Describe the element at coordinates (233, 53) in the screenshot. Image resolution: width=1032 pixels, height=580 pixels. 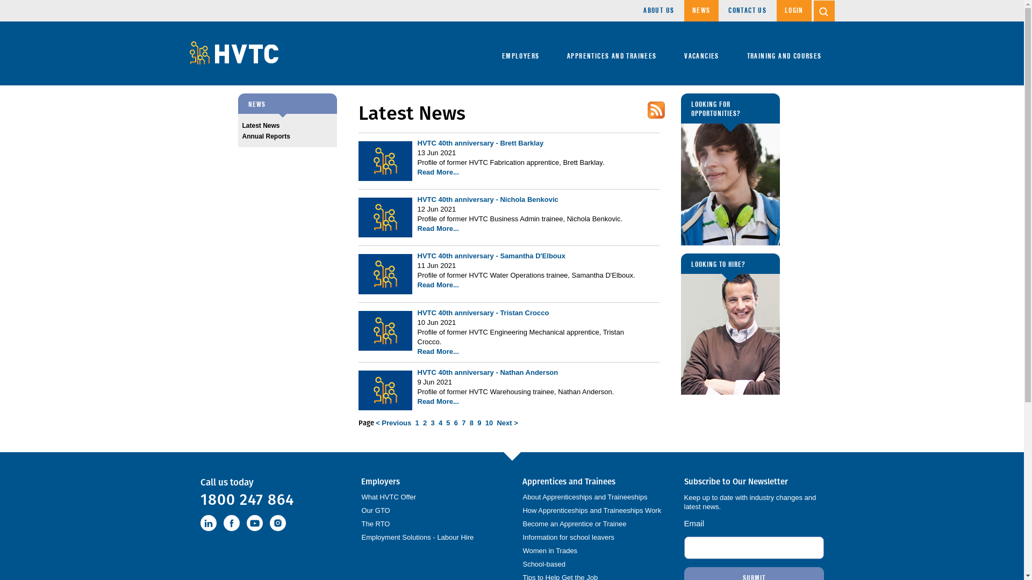
I see `'Hunter Valley Training Company'` at that location.